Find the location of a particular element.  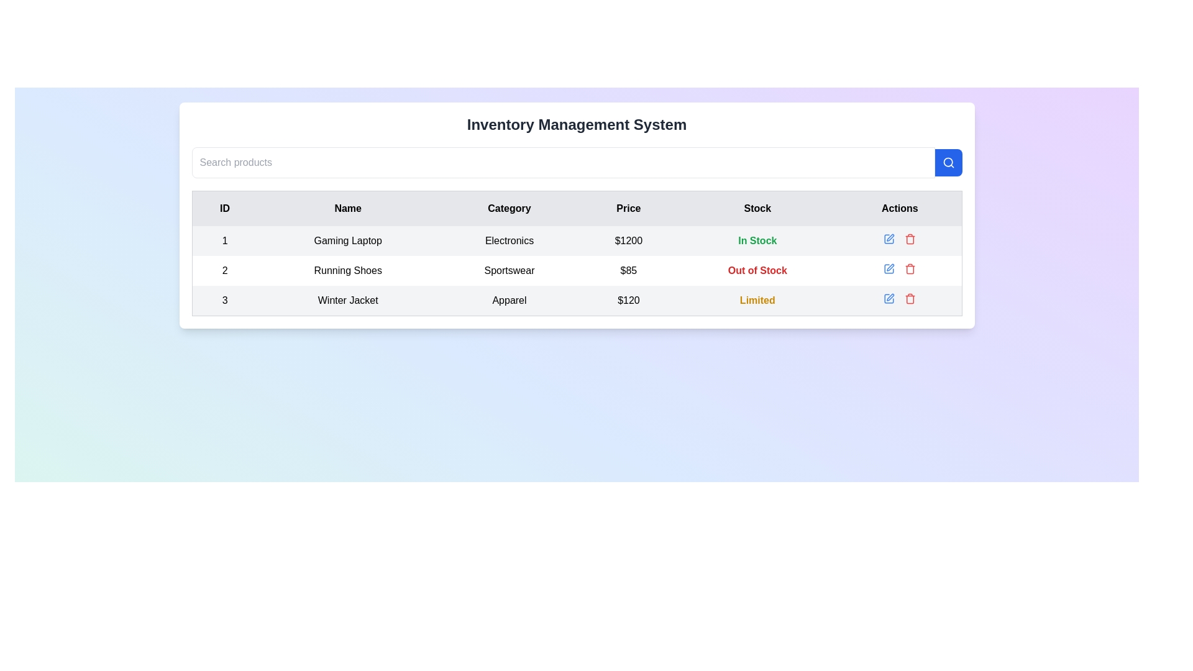

text displayed in the number '3' text label, which is centered in the first cell of the bottom row in a table under the header 'ID' is located at coordinates (224, 301).